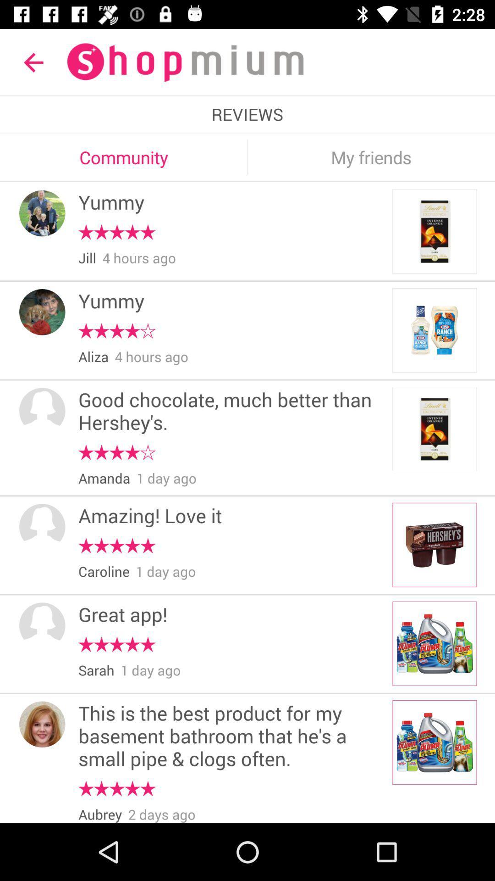 Image resolution: width=495 pixels, height=881 pixels. I want to click on item above amanda, so click(116, 452).